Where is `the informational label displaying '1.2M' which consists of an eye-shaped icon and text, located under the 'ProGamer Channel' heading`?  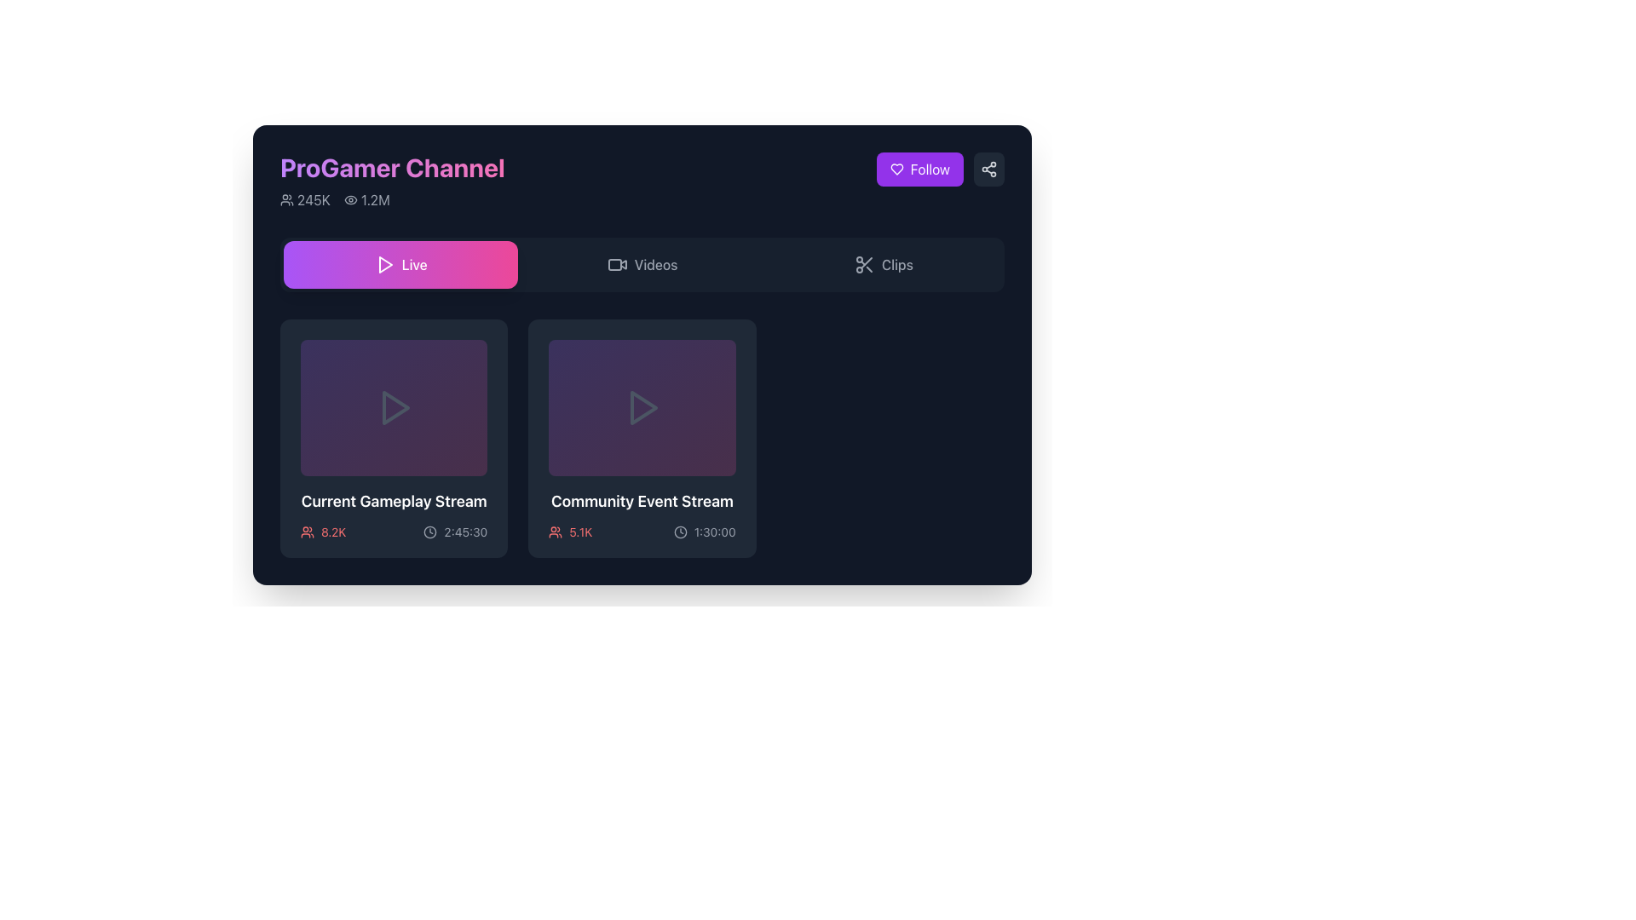
the informational label displaying '1.2M' which consists of an eye-shaped icon and text, located under the 'ProGamer Channel' heading is located at coordinates (366, 199).